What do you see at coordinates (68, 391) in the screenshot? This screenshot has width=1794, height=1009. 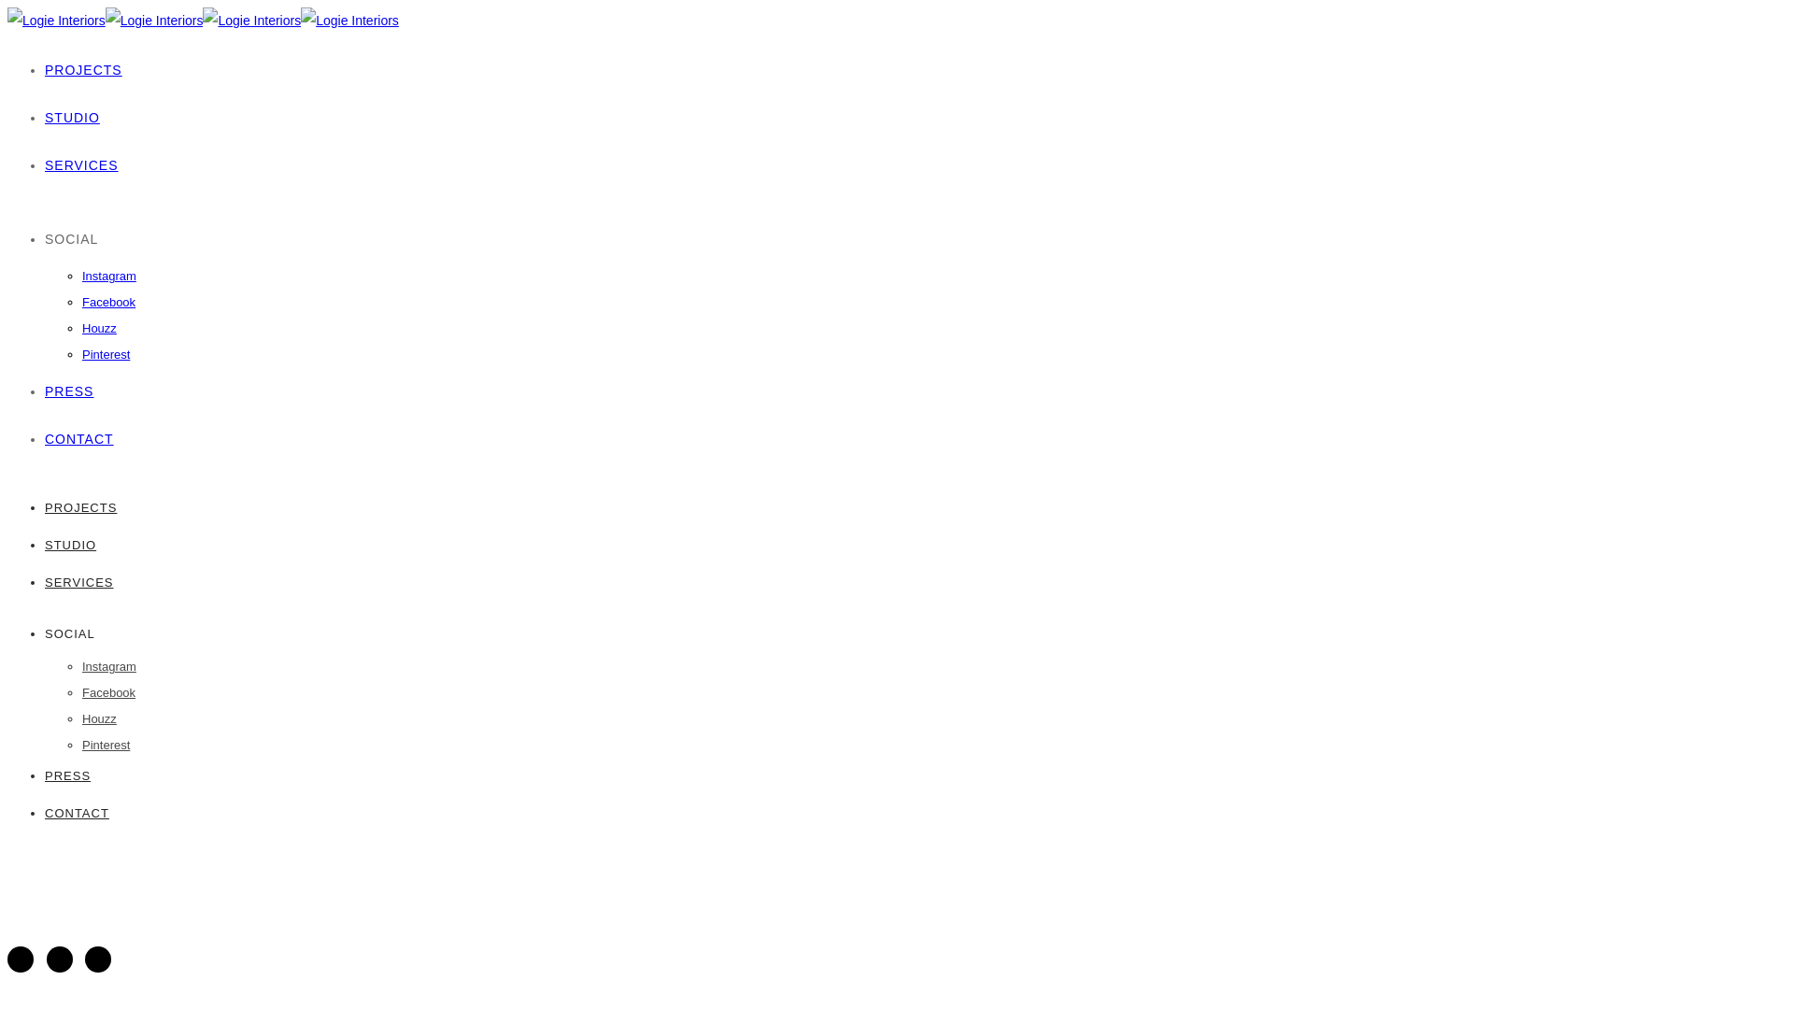 I see `'PRESS'` at bounding box center [68, 391].